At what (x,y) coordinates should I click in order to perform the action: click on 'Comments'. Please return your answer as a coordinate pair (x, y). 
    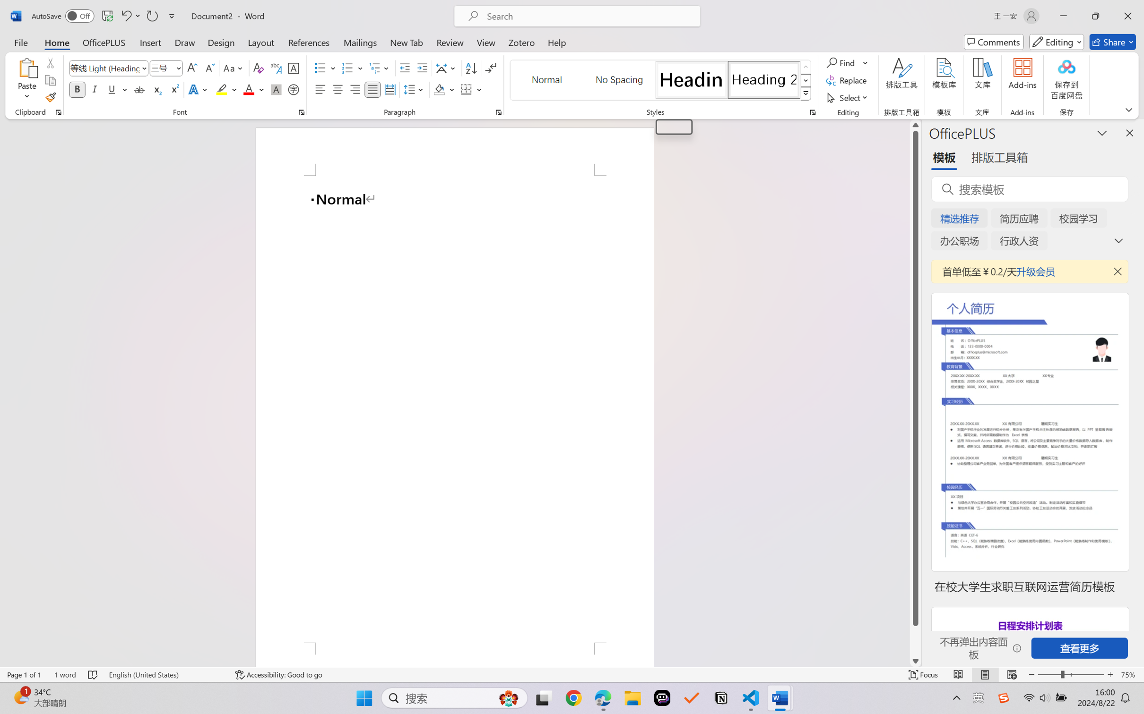
    Looking at the image, I should click on (994, 42).